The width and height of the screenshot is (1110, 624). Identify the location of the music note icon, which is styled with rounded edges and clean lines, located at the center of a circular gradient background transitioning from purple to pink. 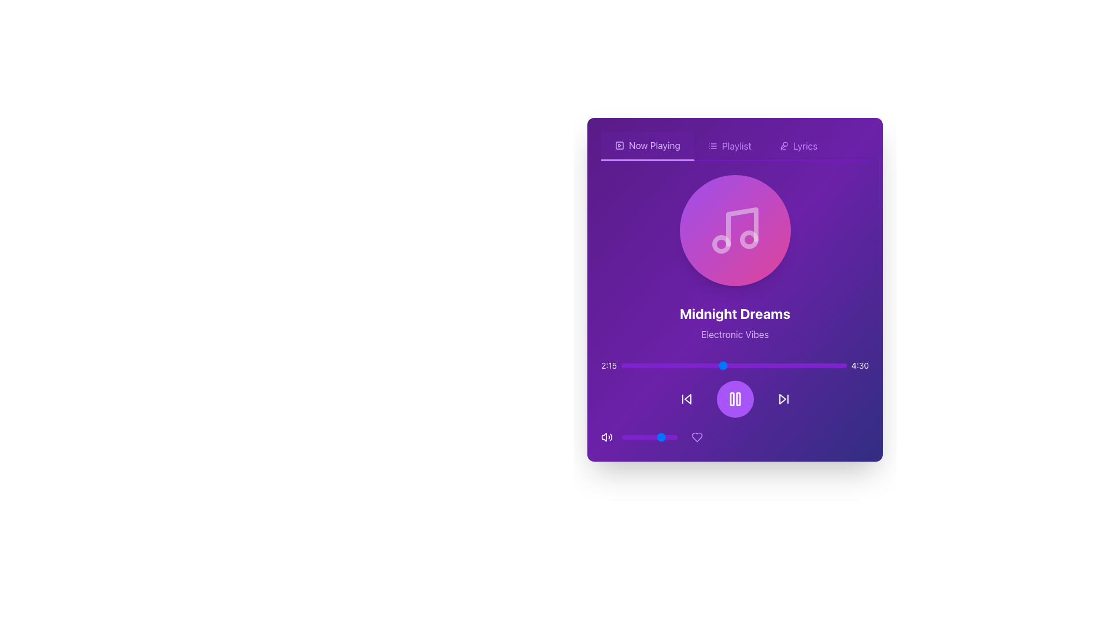
(734, 230).